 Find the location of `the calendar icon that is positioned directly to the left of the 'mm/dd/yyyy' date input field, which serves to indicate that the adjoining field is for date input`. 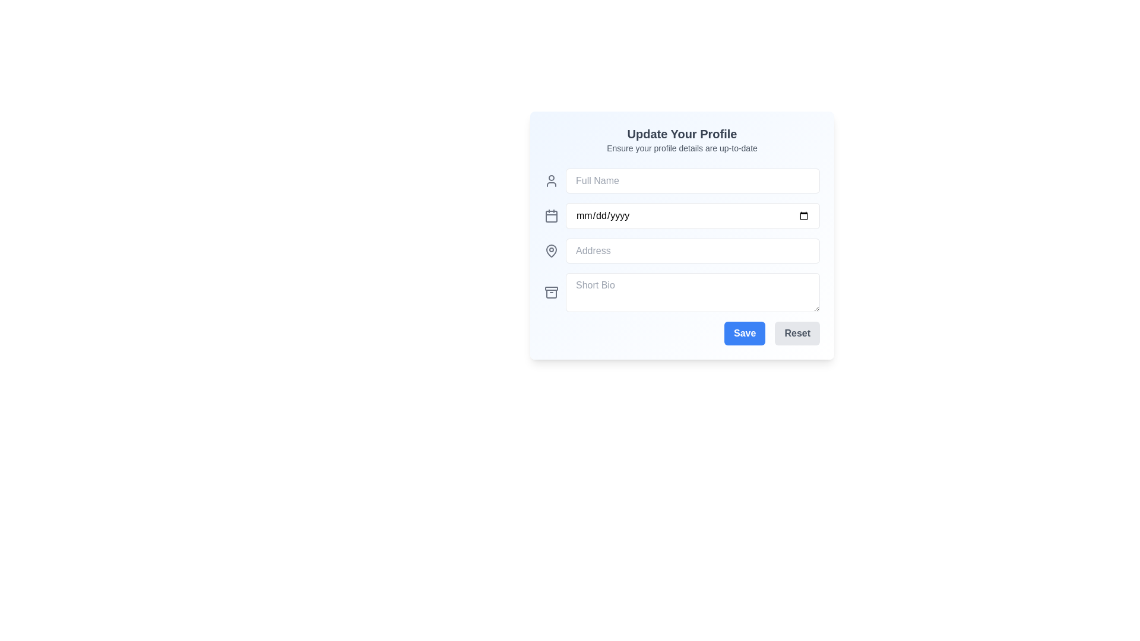

the calendar icon that is positioned directly to the left of the 'mm/dd/yyyy' date input field, which serves to indicate that the adjoining field is for date input is located at coordinates (551, 215).